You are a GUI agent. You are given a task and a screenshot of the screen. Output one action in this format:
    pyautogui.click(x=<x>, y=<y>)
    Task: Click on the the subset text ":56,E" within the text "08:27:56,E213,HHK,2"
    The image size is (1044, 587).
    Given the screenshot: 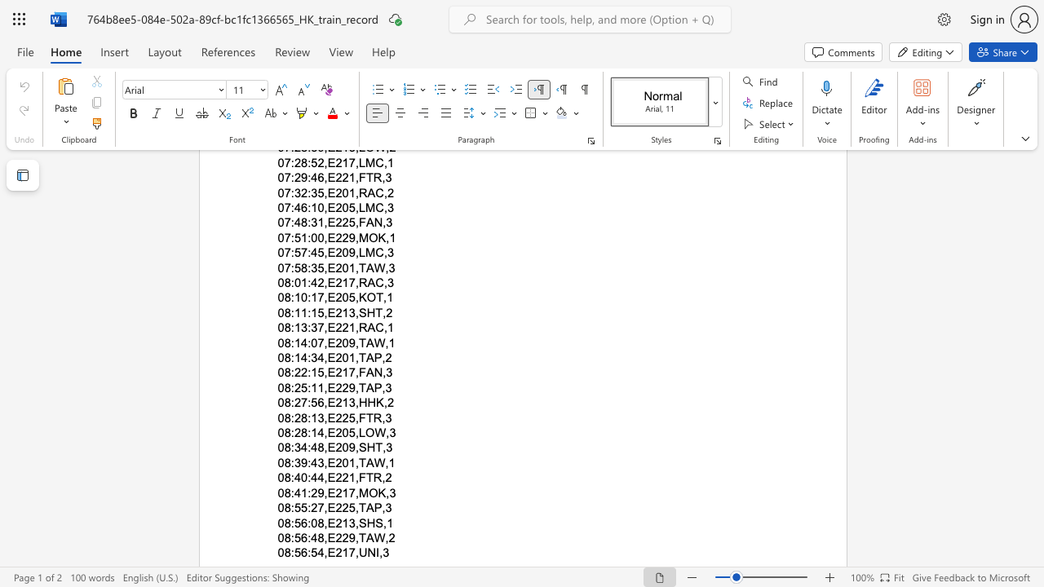 What is the action you would take?
    pyautogui.click(x=307, y=403)
    